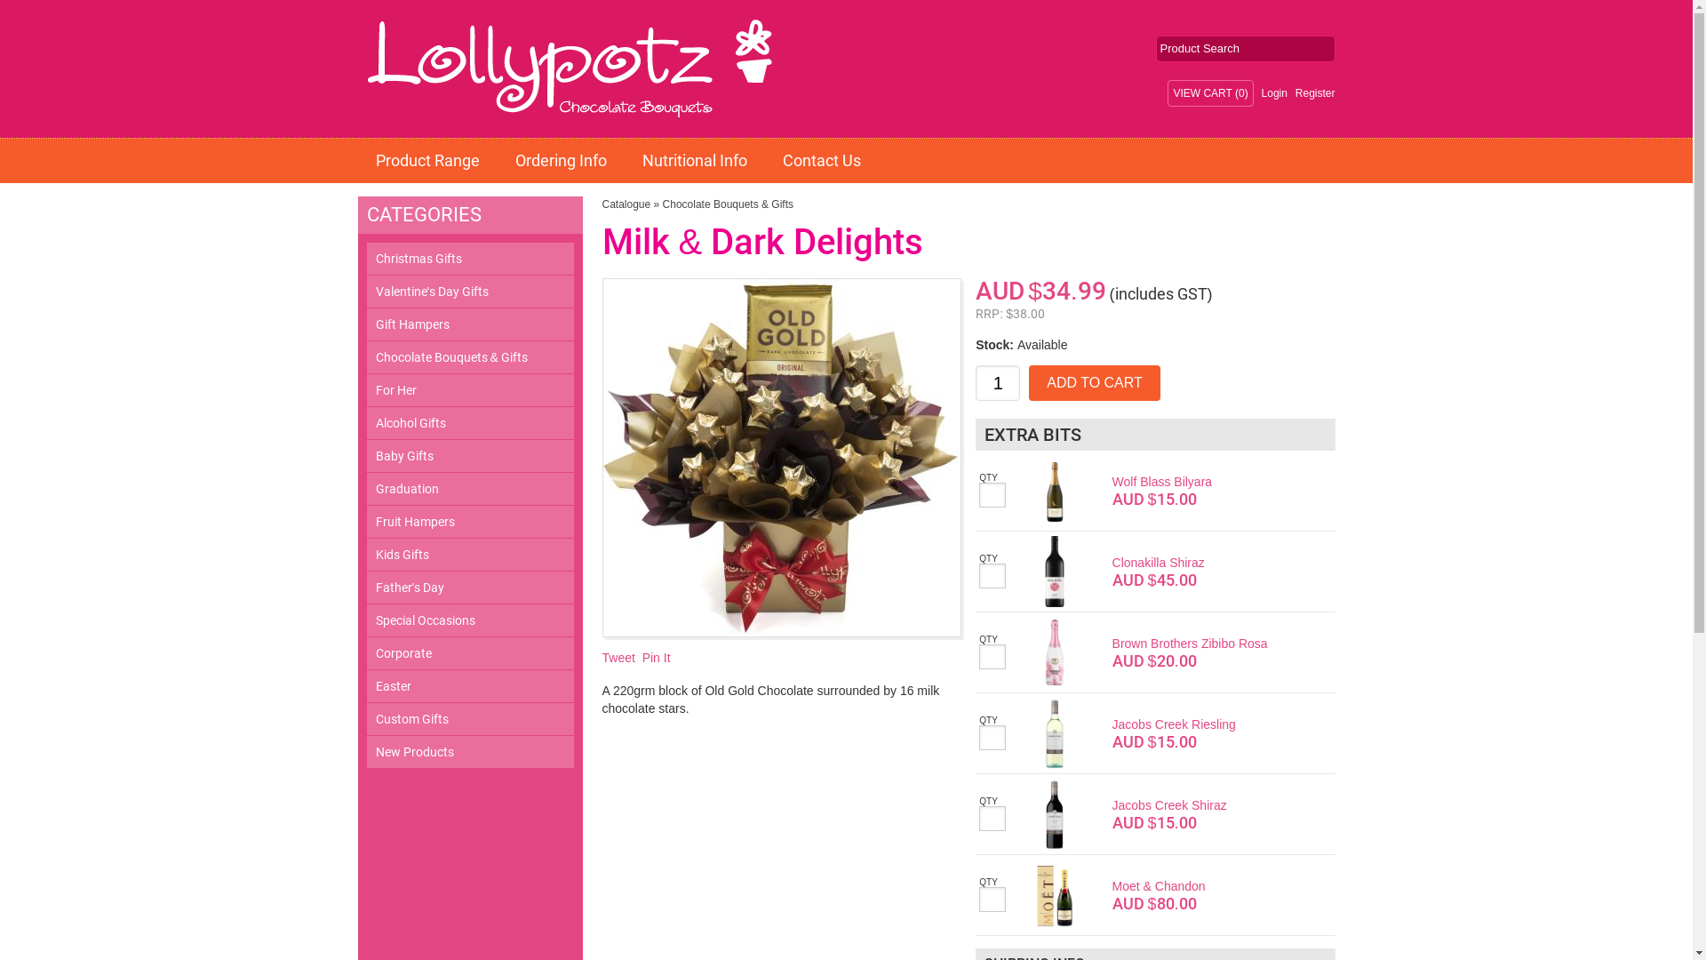  What do you see at coordinates (1209, 92) in the screenshot?
I see `'VIEW CART (0)'` at bounding box center [1209, 92].